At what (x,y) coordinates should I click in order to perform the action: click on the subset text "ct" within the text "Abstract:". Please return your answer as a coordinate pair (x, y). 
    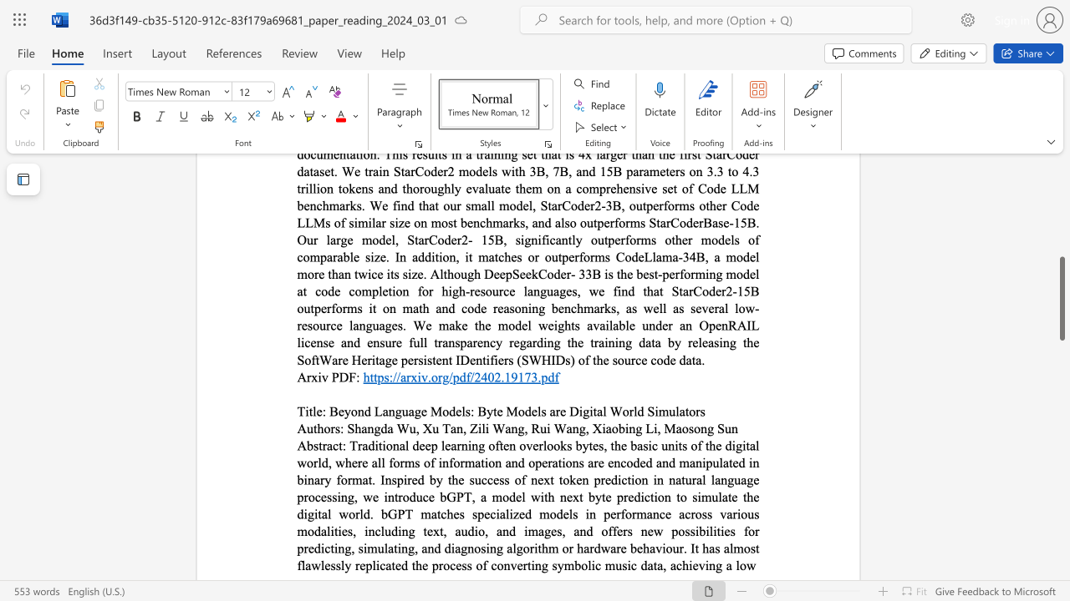
    Looking at the image, I should click on (333, 444).